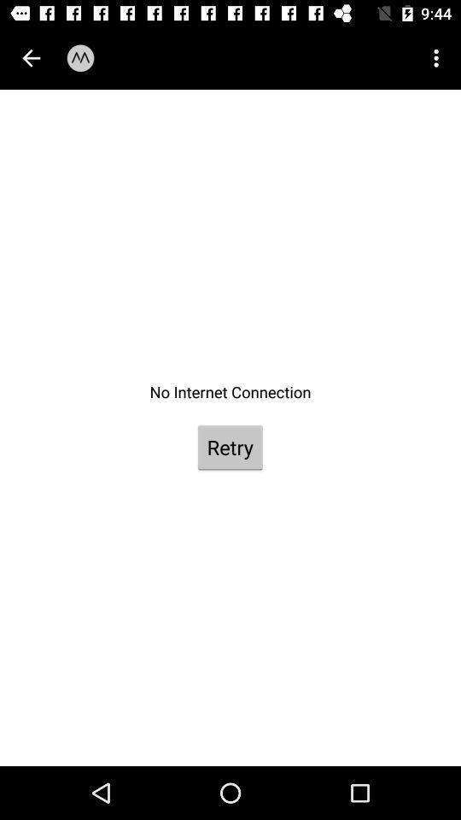 This screenshot has width=461, height=820. I want to click on the item below no internet connection icon, so click(230, 446).